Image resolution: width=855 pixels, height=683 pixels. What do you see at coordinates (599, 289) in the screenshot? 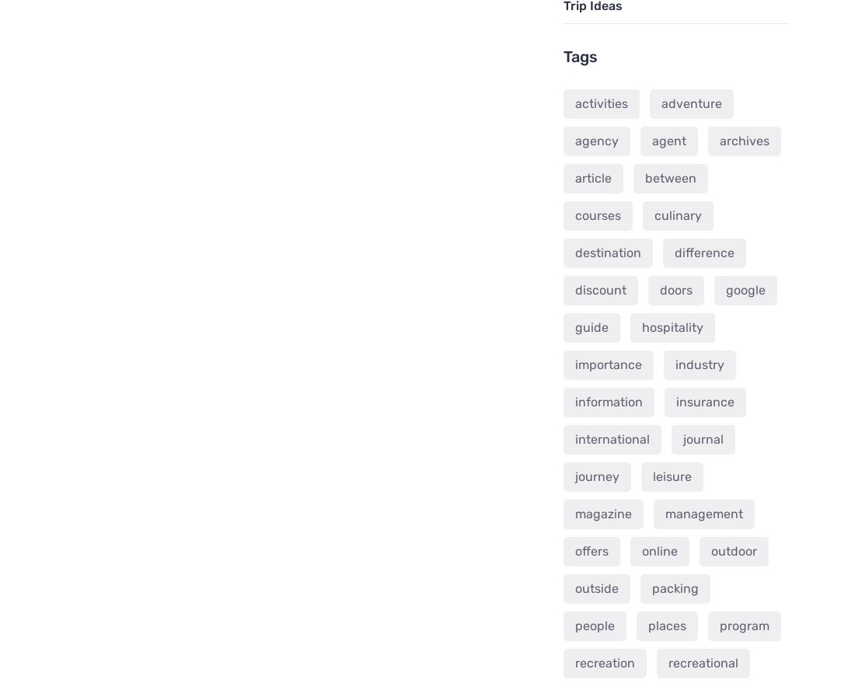
I see `'discount'` at bounding box center [599, 289].